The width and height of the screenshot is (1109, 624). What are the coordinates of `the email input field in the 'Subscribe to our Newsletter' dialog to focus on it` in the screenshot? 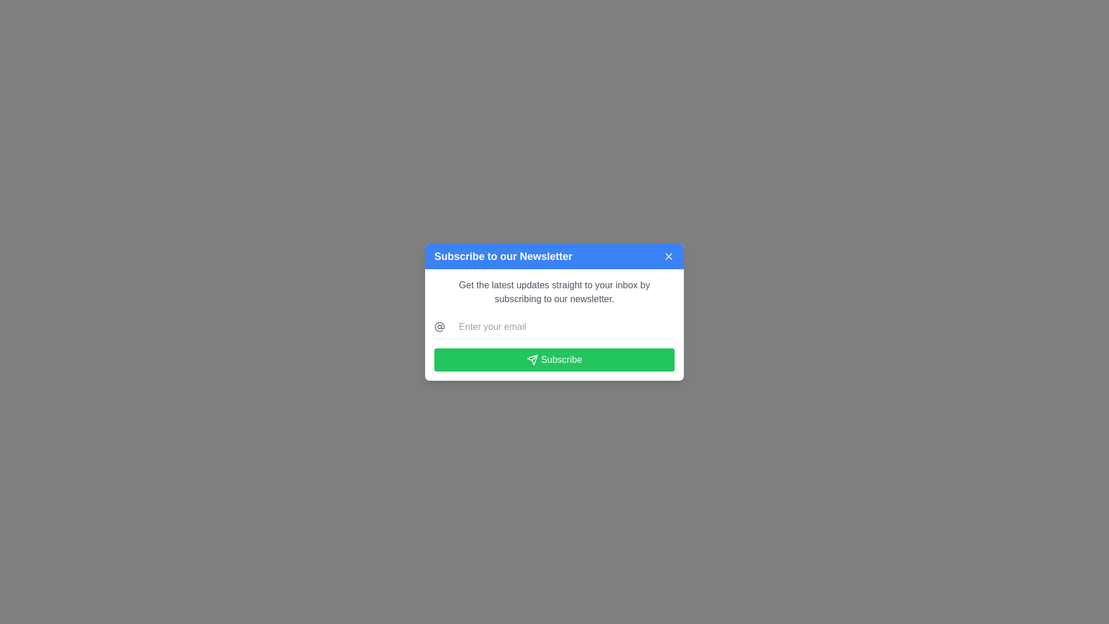 It's located at (562, 326).